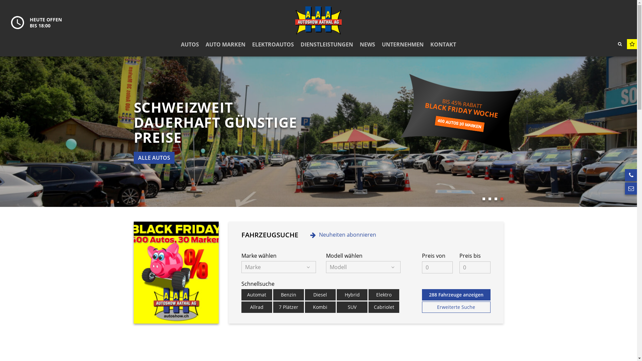  Describe the element at coordinates (273, 44) in the screenshot. I see `'ELEKTROAUTOS'` at that location.